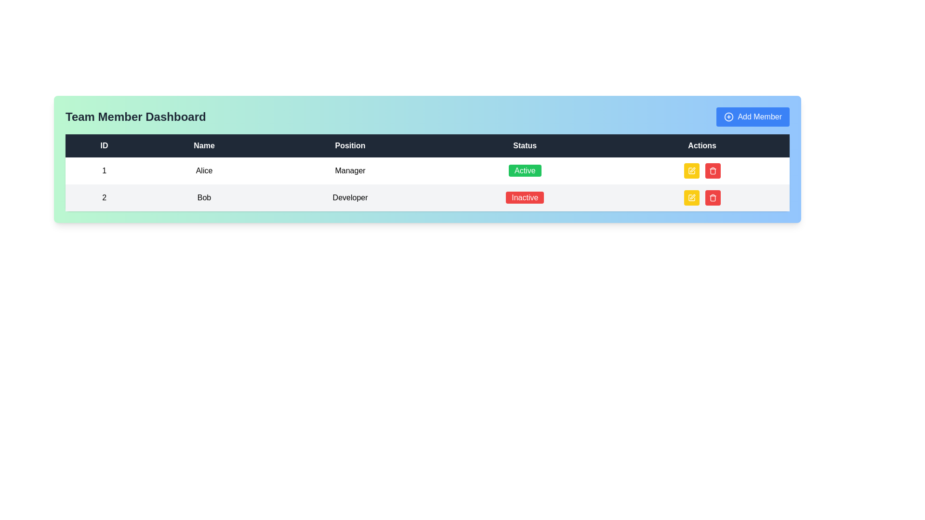  I want to click on the text label displaying 'Alice' in bold black font, located in the second column of the first row of the table, so click(203, 170).